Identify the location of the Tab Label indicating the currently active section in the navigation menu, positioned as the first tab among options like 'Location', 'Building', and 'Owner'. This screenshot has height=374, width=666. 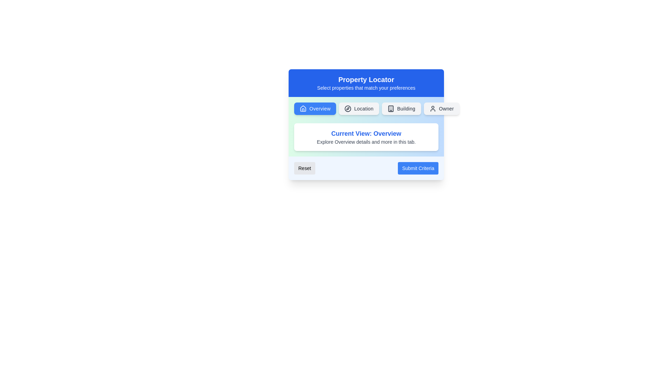
(319, 108).